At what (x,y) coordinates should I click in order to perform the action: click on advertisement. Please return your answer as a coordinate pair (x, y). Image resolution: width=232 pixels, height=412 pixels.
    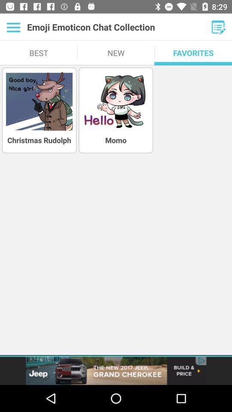
    Looking at the image, I should click on (116, 370).